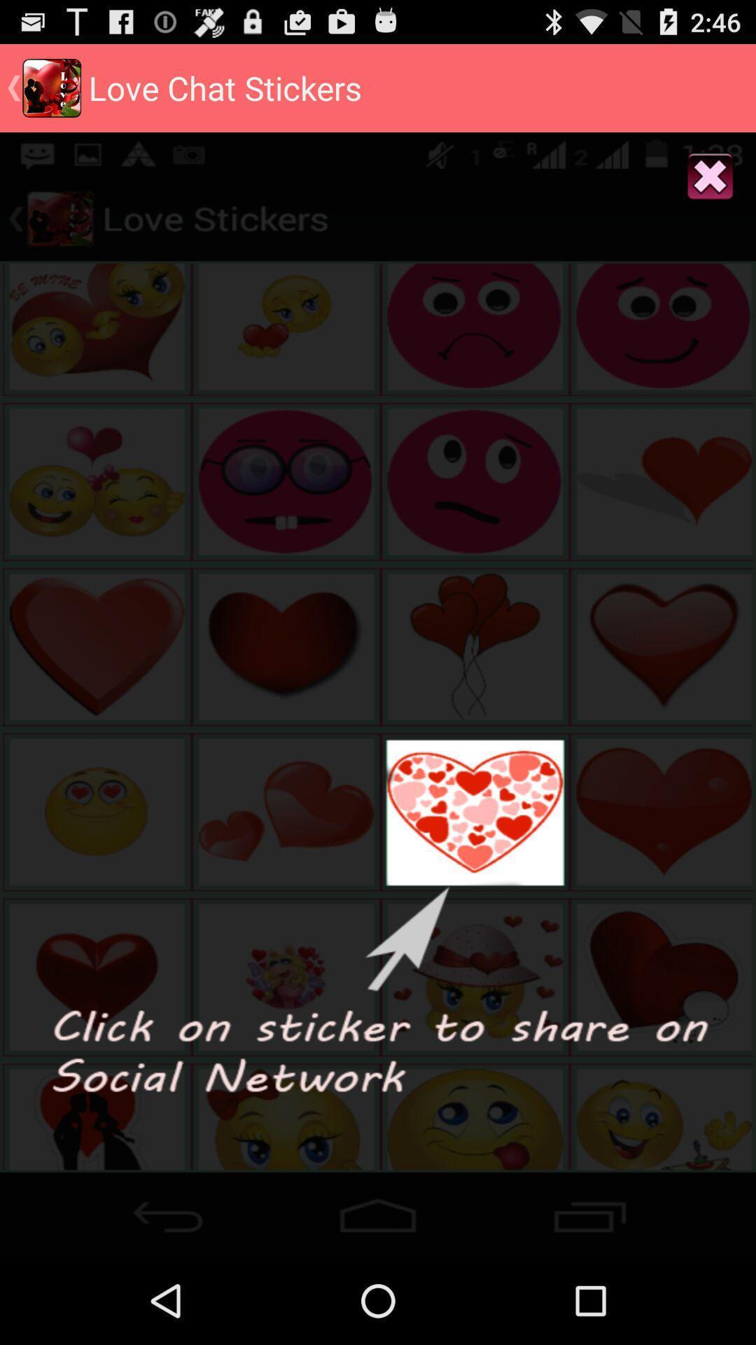 Image resolution: width=756 pixels, height=1345 pixels. Describe the element at coordinates (378, 1210) in the screenshot. I see `home row back home active apps` at that location.